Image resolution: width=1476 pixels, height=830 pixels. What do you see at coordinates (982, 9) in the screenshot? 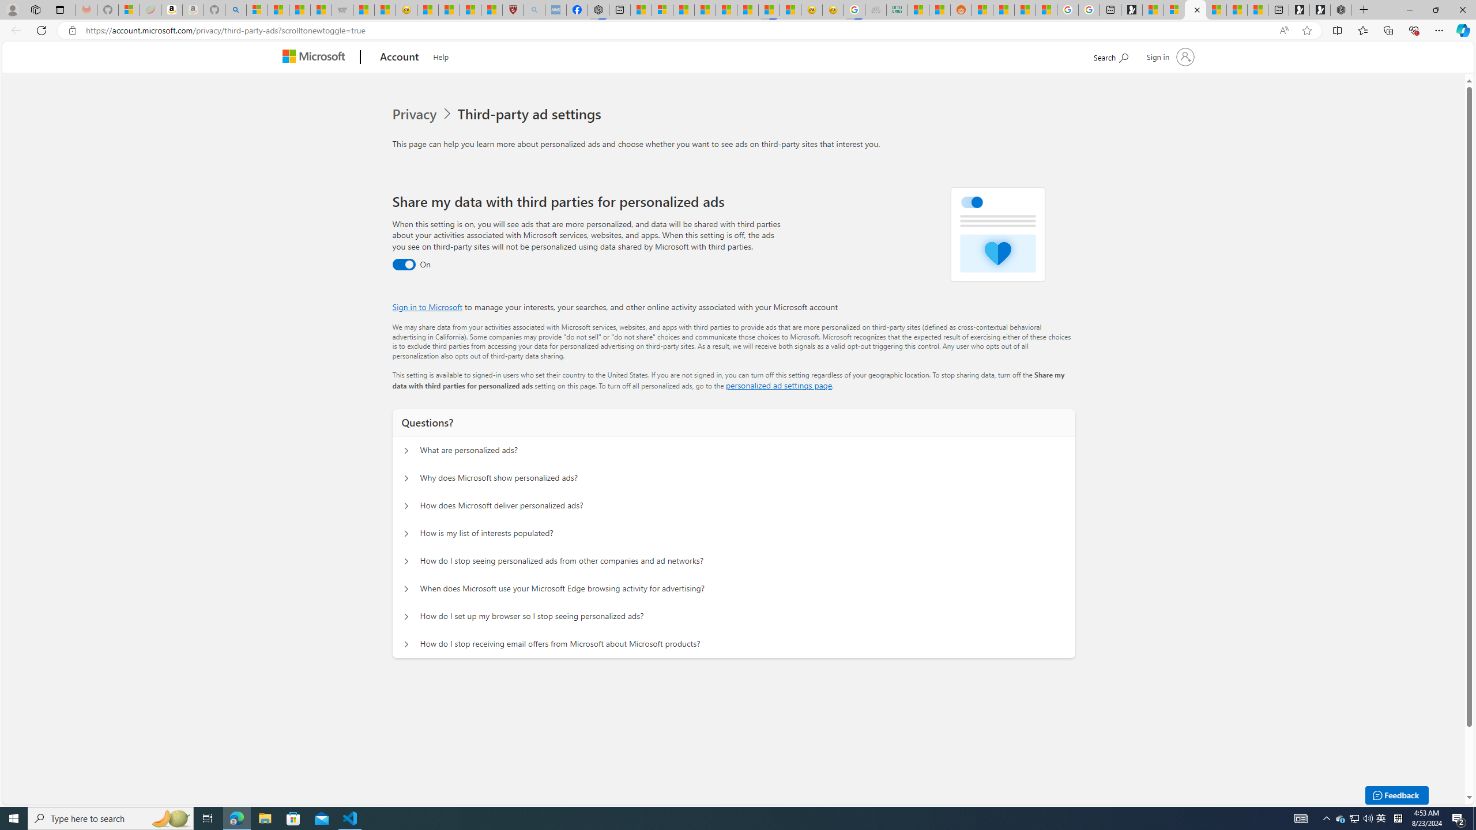
I see `'R******* | Trusted Community Engagement and Contributions'` at bounding box center [982, 9].